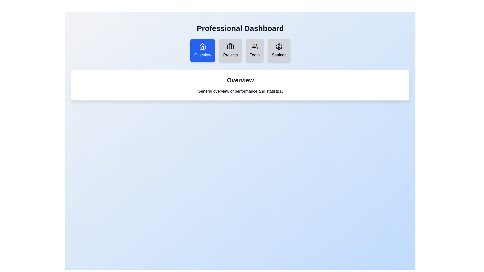 This screenshot has height=272, width=484. Describe the element at coordinates (279, 50) in the screenshot. I see `the Settings tab by clicking on it` at that location.